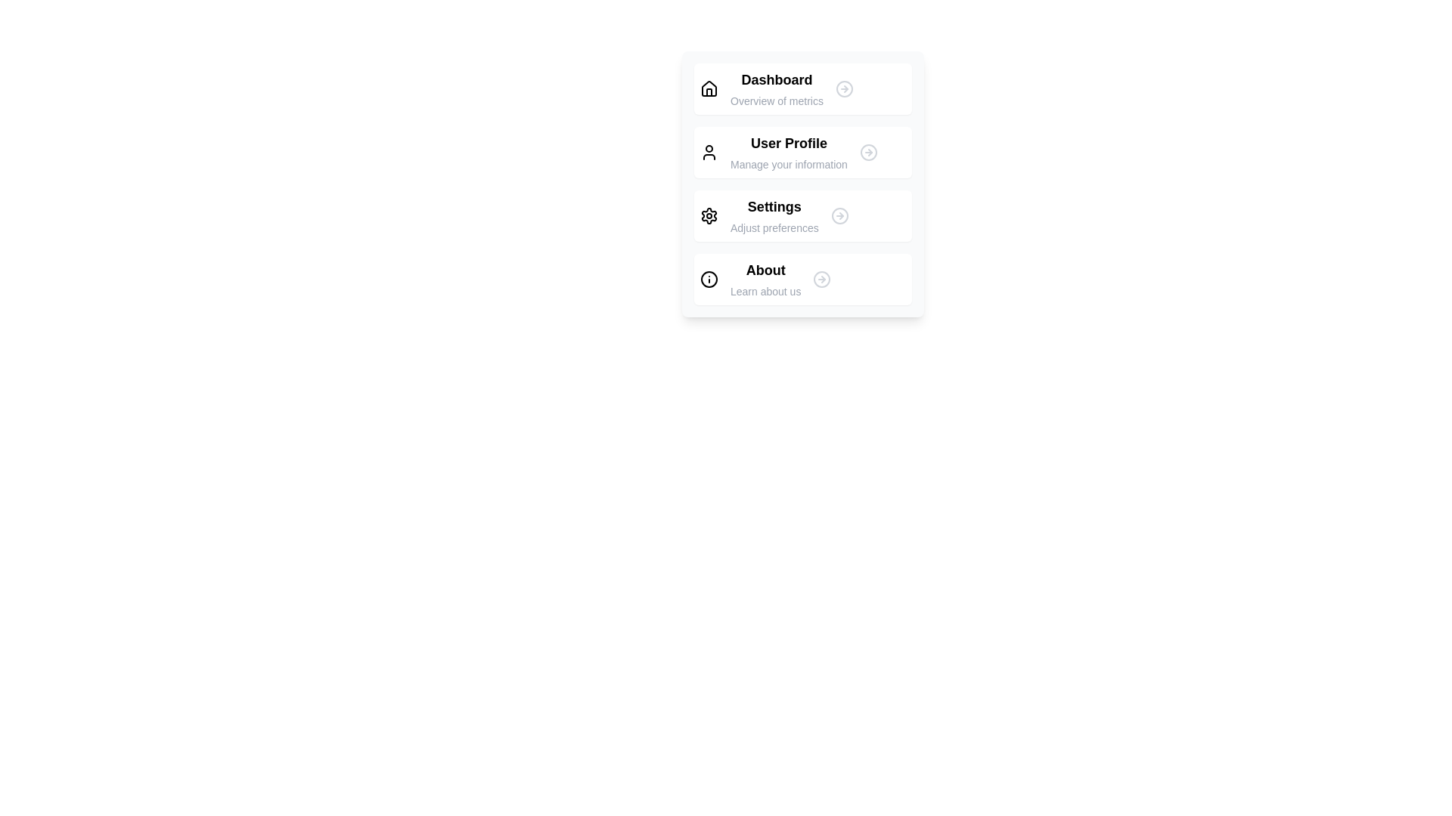 The image size is (1452, 816). I want to click on the 'Arrow in a Circle' icon located at the far right of the 'Dashboard' menu option to indicate navigation or progression, so click(843, 89).